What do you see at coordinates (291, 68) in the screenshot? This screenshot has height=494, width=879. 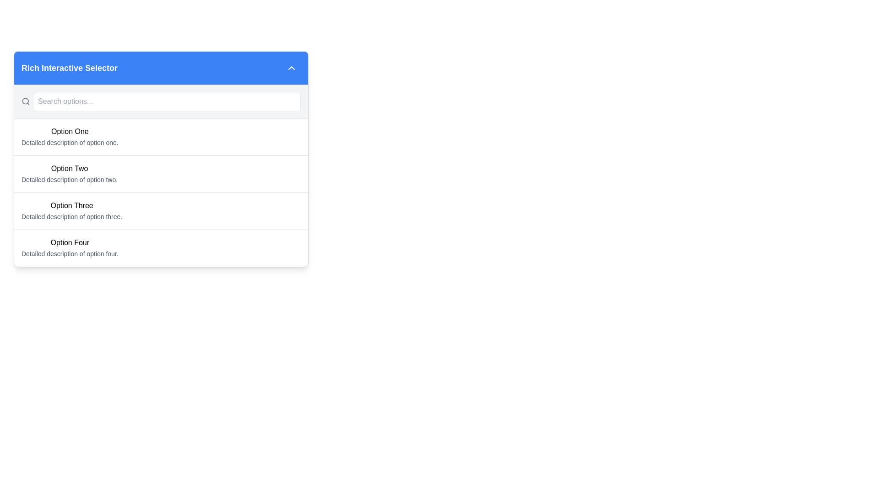 I see `the upward arrow button in the header section of the 'Rich Interactive Selector' interface` at bounding box center [291, 68].